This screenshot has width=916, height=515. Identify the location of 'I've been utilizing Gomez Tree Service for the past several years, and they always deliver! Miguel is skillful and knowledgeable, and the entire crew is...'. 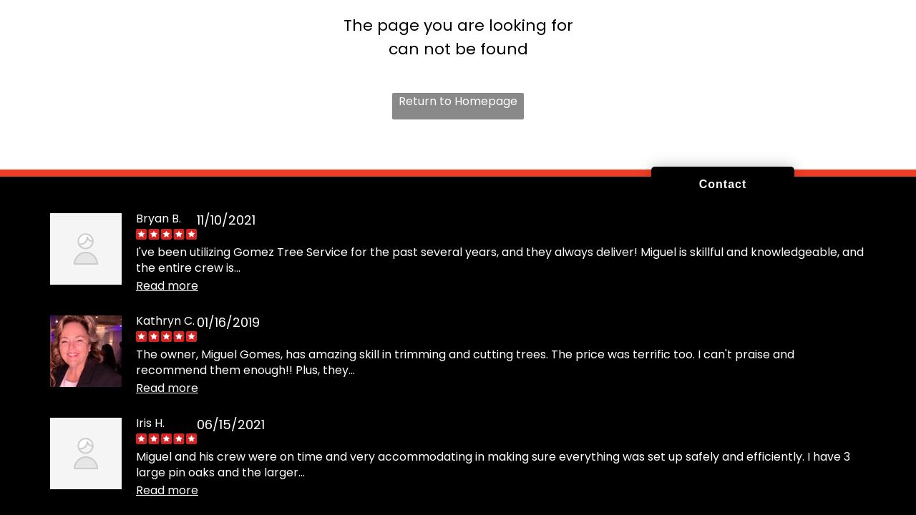
(135, 259).